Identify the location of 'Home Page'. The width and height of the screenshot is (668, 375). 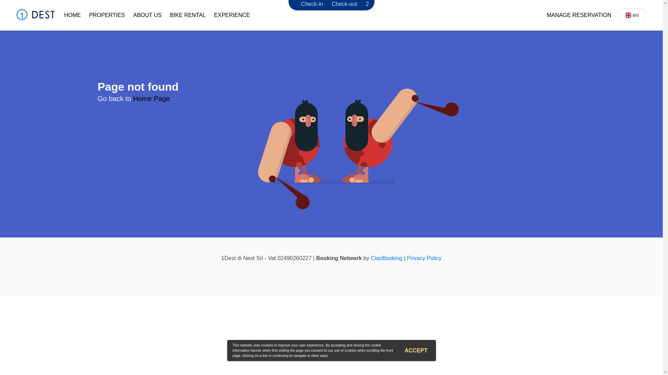
(151, 99).